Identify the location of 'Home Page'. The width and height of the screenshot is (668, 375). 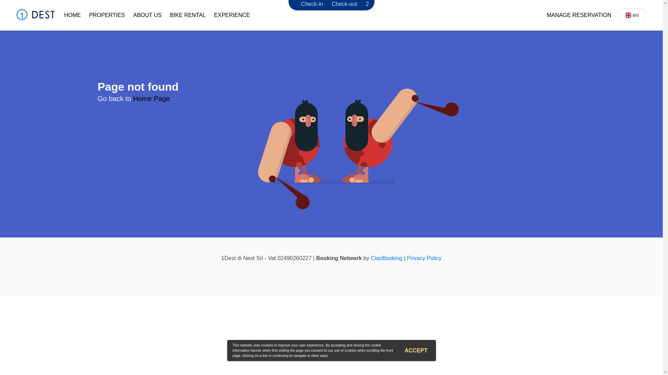
(151, 99).